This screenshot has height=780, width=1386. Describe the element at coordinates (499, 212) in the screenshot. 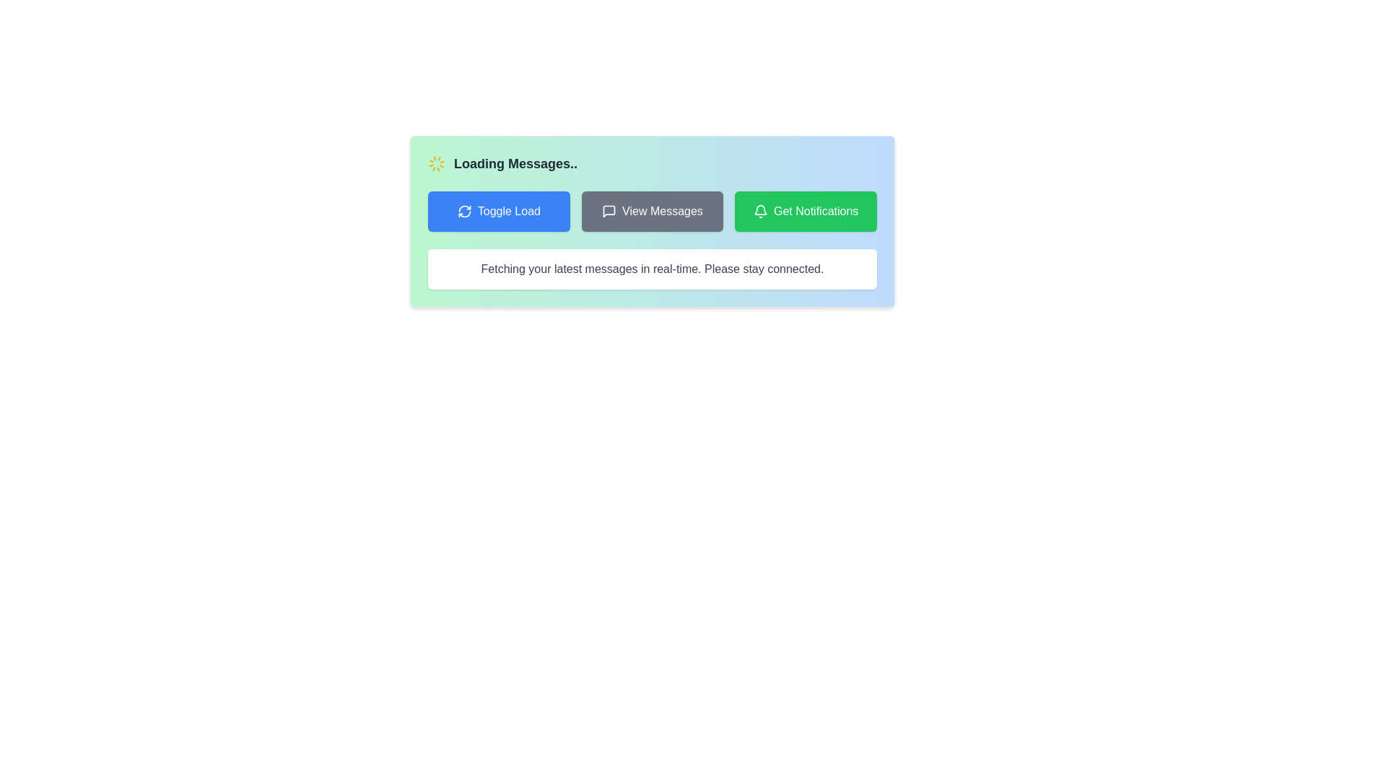

I see `the 'Toggle Load' button, which is a rectangular button with a blue background, white text, and a circular arrow icon, located at the leftmost position in a horizontal grid arrangement` at that location.